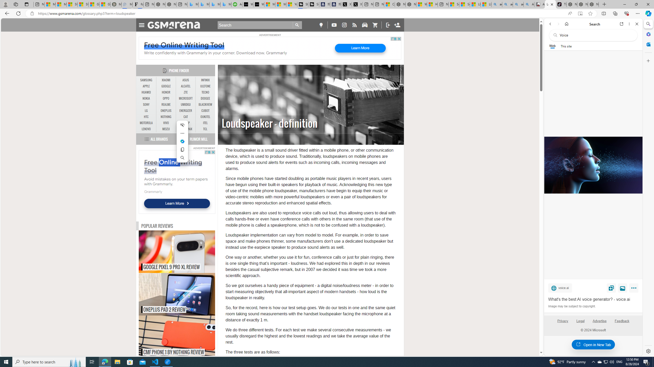 The image size is (654, 367). Describe the element at coordinates (205, 98) in the screenshot. I see `'DOOGEE'` at that location.